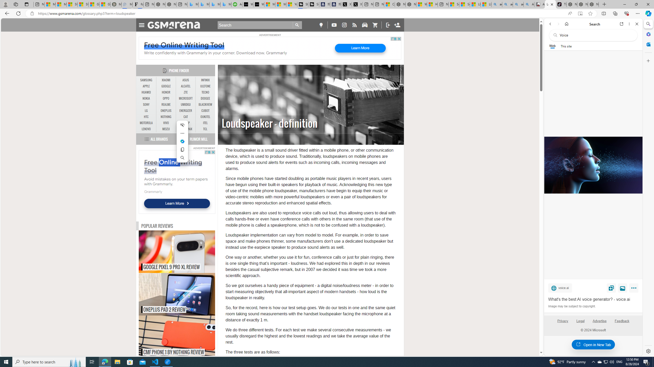 The image size is (654, 367). Describe the element at coordinates (205, 98) in the screenshot. I see `'DOOGEE'` at that location.